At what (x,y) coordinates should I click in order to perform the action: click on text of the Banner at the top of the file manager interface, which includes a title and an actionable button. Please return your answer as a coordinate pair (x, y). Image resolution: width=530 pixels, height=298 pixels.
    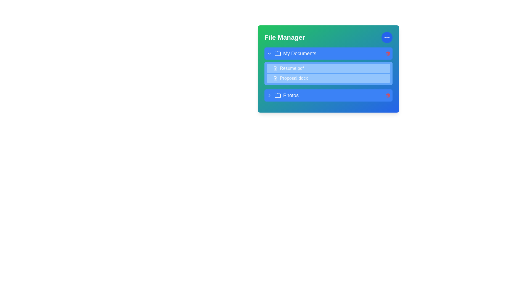
    Looking at the image, I should click on (328, 37).